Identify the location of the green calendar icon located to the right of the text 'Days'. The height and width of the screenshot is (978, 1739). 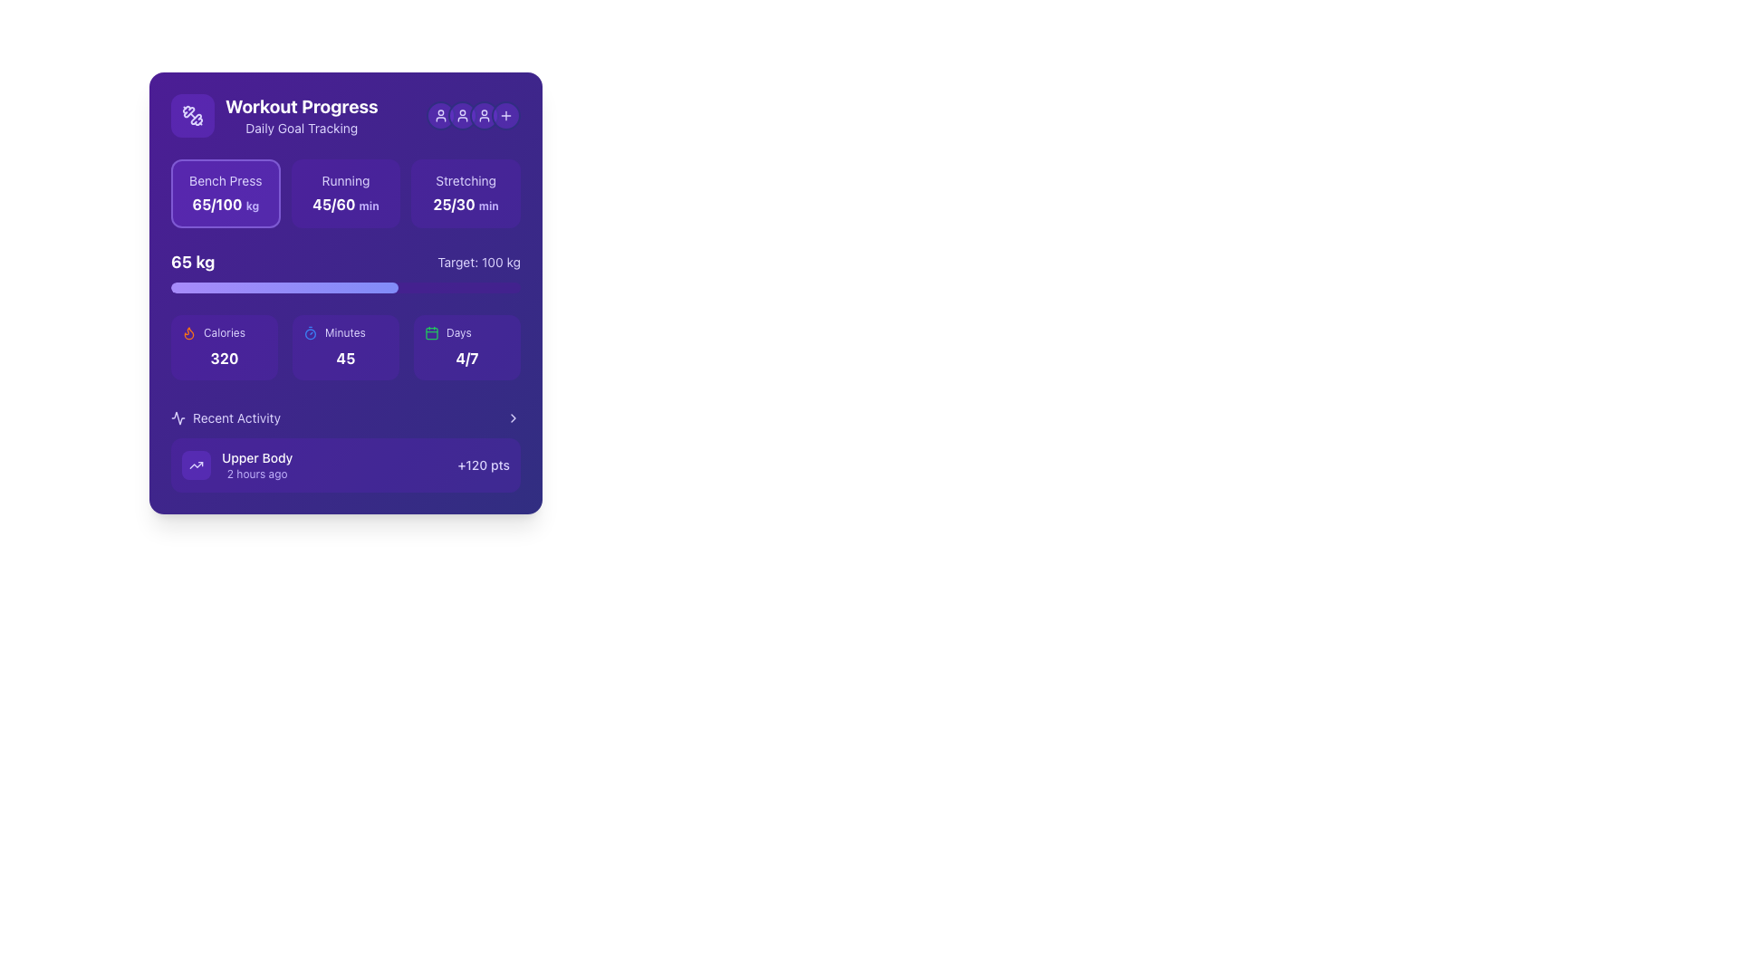
(430, 332).